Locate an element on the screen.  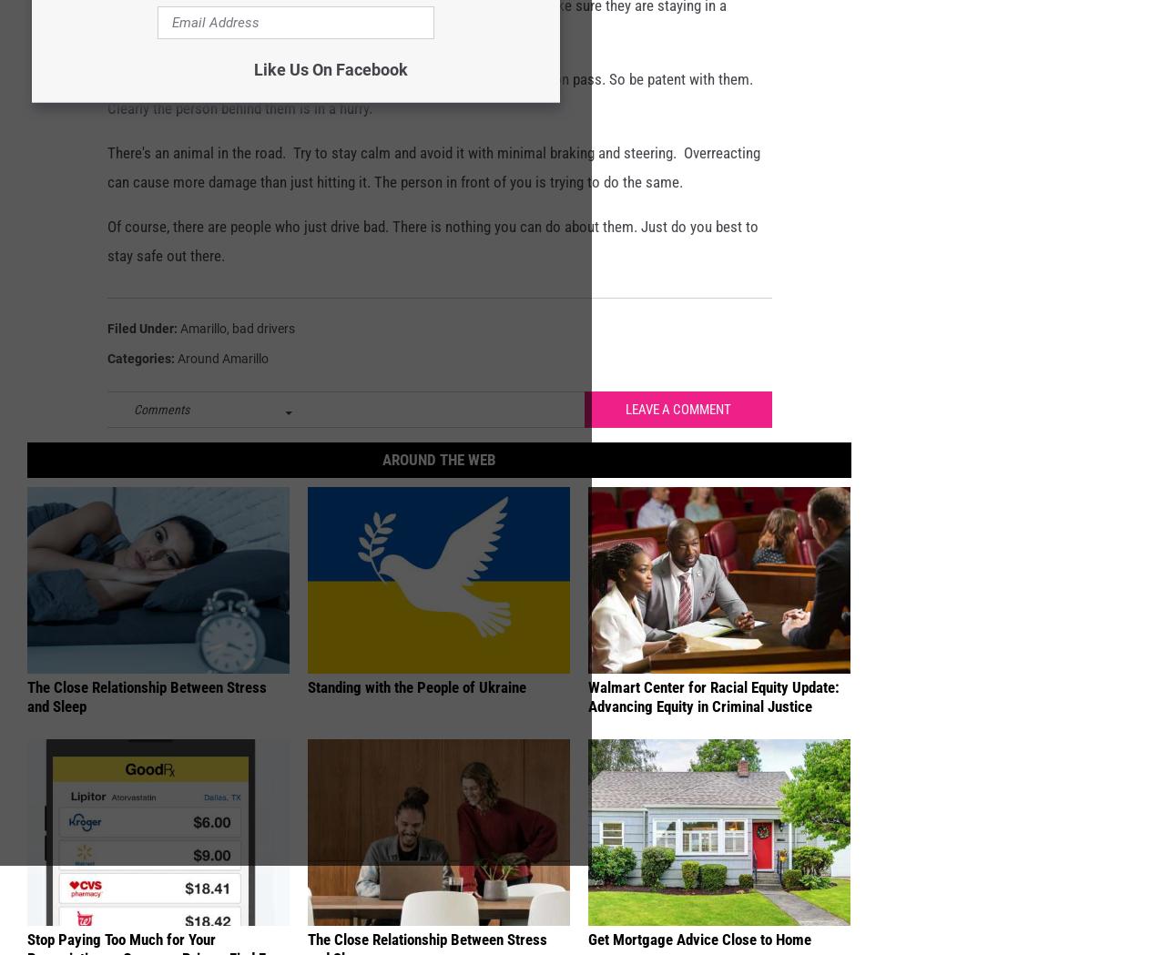
'Leave A Comment' is located at coordinates (677, 439).